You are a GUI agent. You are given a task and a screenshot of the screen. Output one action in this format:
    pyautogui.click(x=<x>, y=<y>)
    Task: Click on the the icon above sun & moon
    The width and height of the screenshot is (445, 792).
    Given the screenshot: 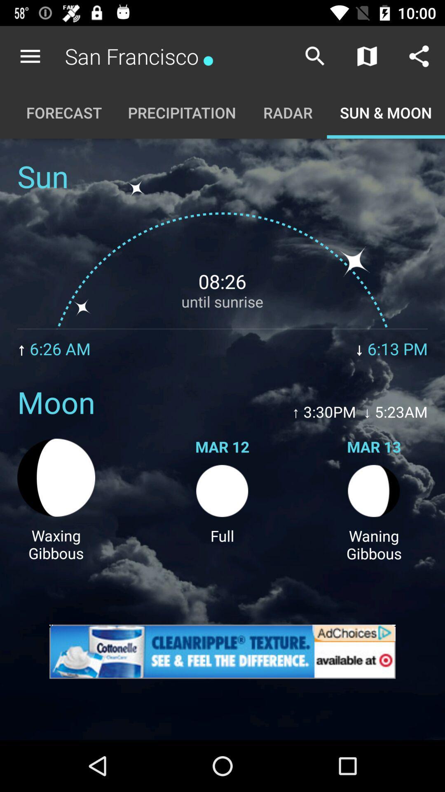 What is the action you would take?
    pyautogui.click(x=419, y=56)
    